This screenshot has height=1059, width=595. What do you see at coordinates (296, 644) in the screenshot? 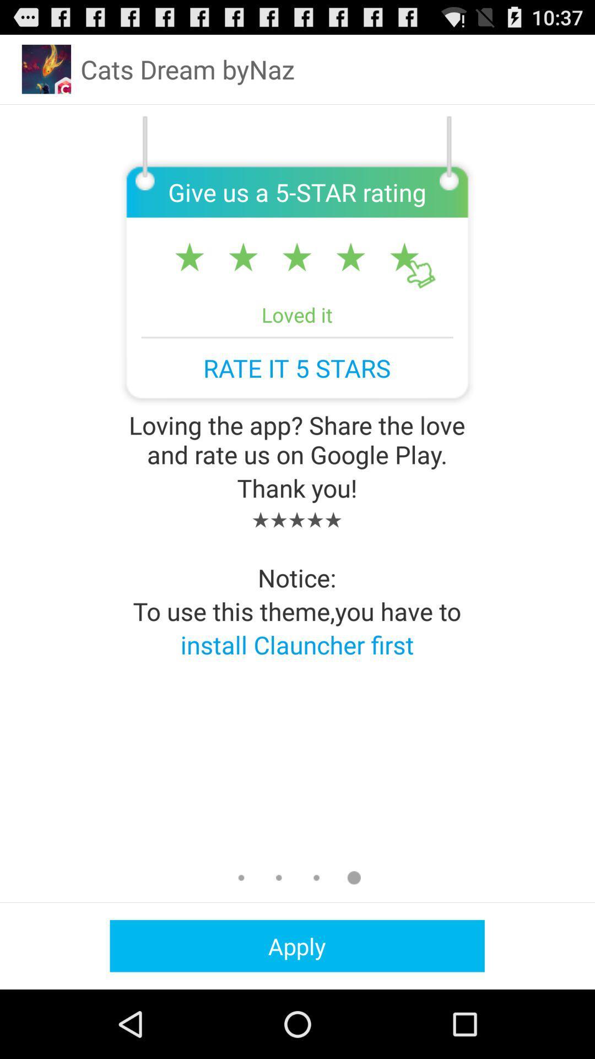
I see `install clauncher first app` at bounding box center [296, 644].